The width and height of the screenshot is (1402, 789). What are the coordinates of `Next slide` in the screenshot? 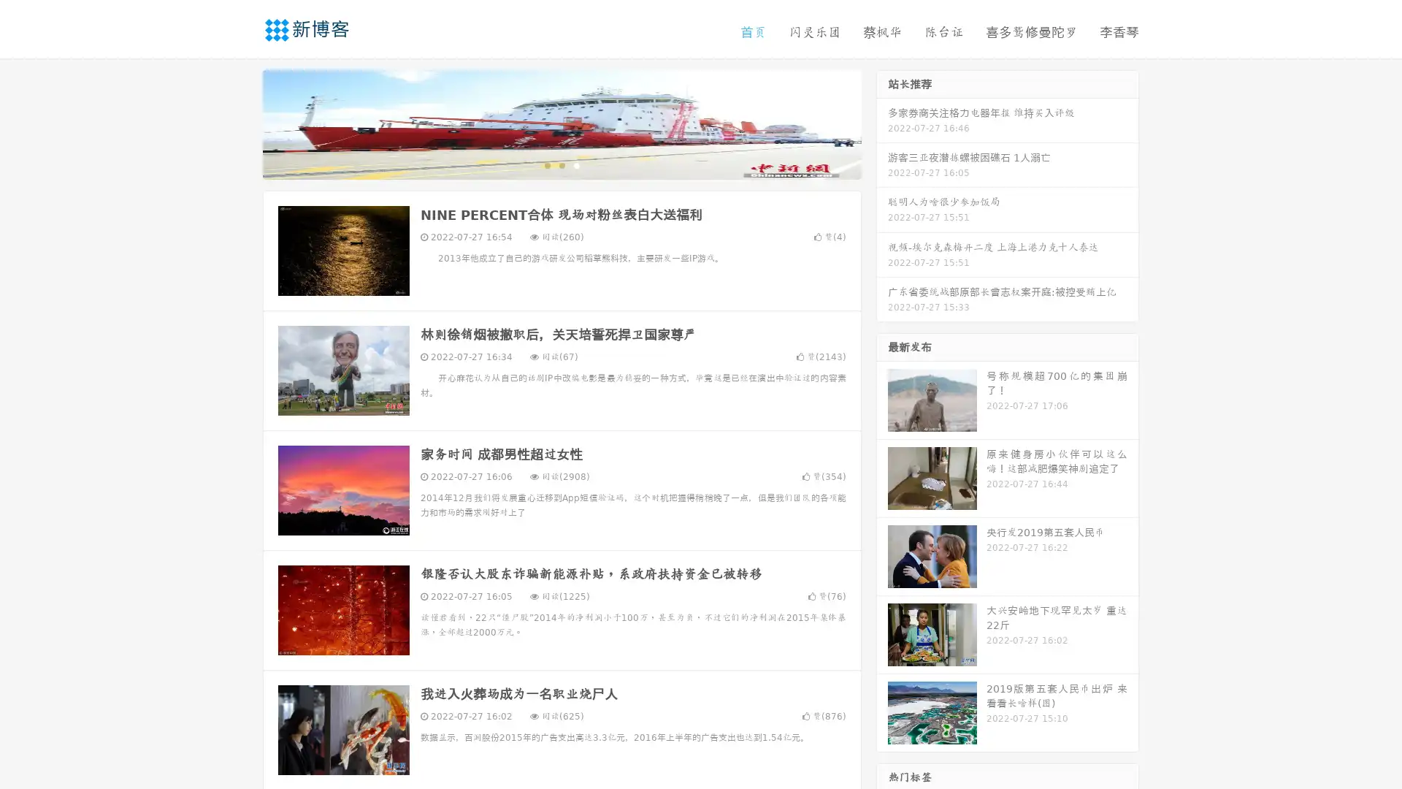 It's located at (882, 123).